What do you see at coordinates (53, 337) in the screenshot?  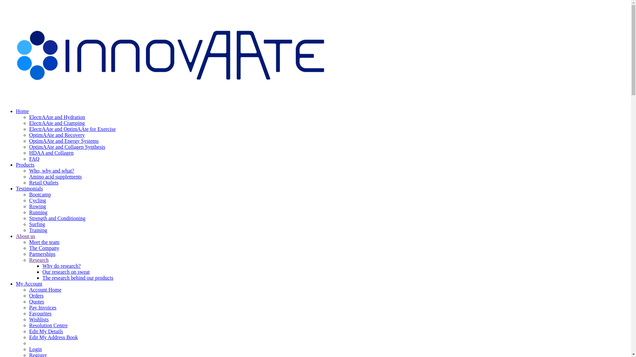 I see `'Edit My Address Book'` at bounding box center [53, 337].